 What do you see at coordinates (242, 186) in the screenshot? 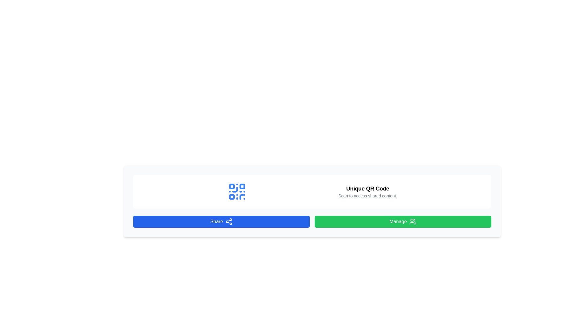
I see `the second small square in the top row of the QR code icon, which is styled in blue and located above the 'Share' and 'Manage' buttons` at bounding box center [242, 186].